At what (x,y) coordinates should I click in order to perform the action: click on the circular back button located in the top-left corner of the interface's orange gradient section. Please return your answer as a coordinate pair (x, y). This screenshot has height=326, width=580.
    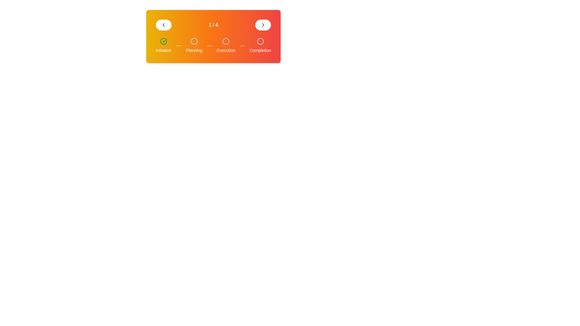
    Looking at the image, I should click on (164, 25).